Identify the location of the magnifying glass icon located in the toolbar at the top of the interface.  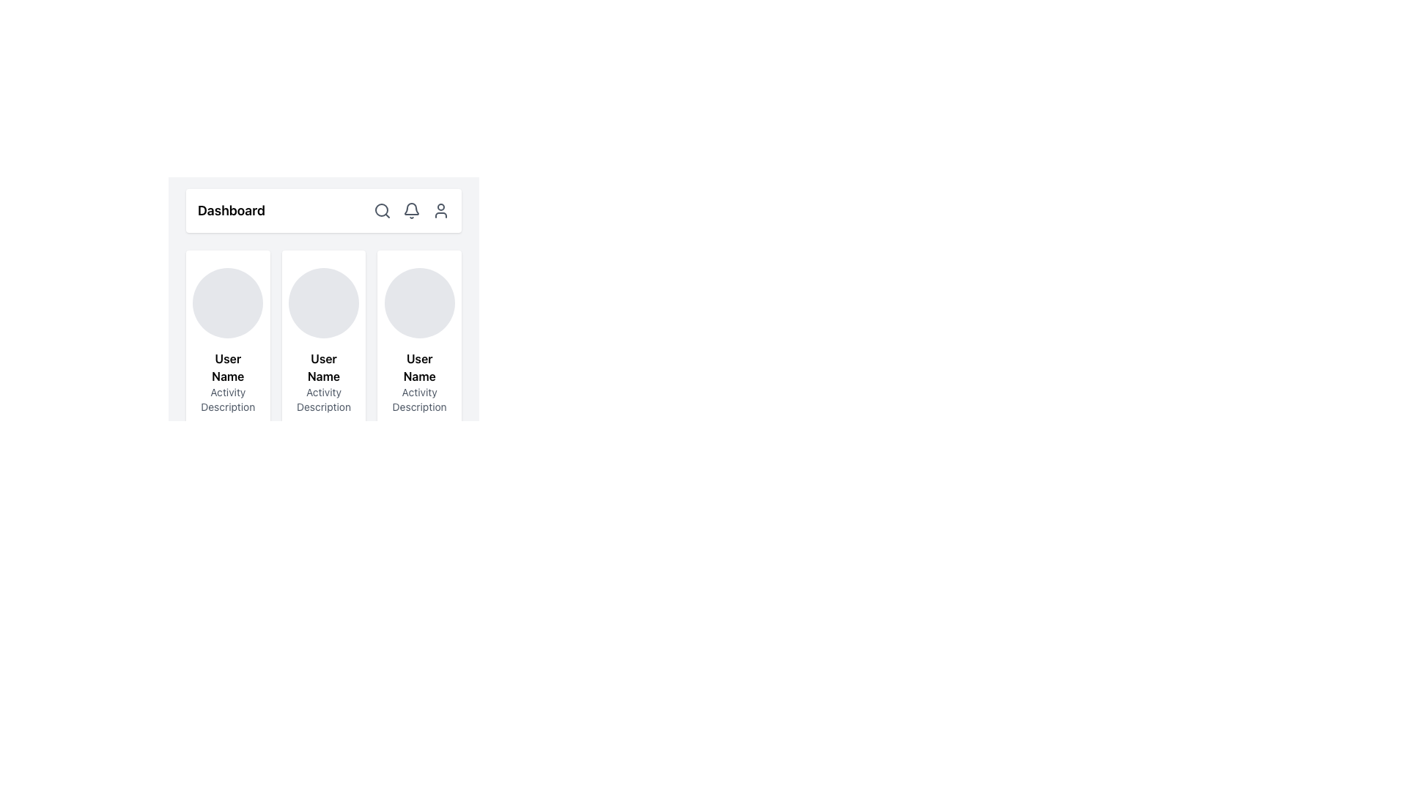
(383, 211).